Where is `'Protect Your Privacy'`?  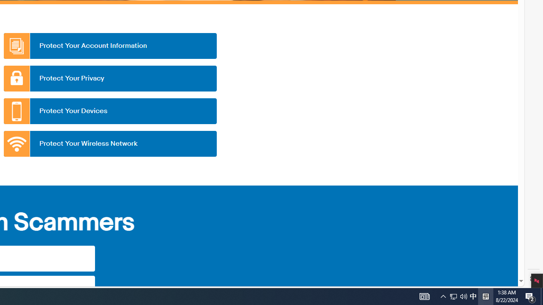 'Protect Your Privacy' is located at coordinates (109, 78).